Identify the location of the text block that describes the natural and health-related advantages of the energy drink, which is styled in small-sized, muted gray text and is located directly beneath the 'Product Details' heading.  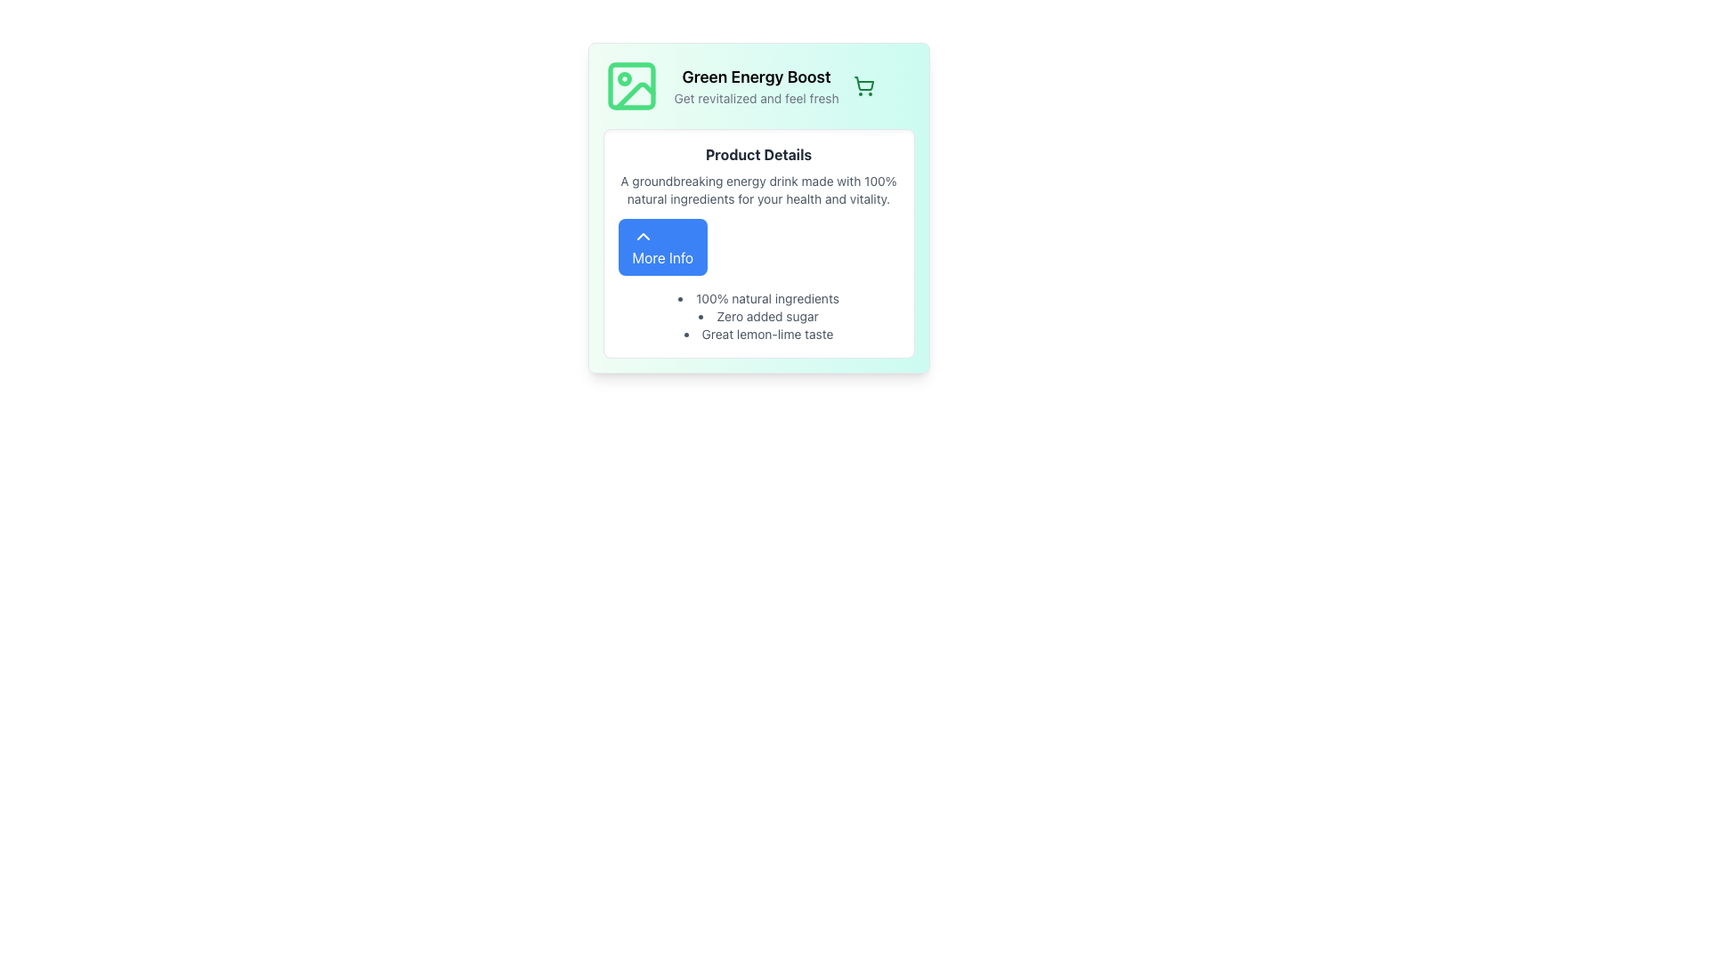
(758, 190).